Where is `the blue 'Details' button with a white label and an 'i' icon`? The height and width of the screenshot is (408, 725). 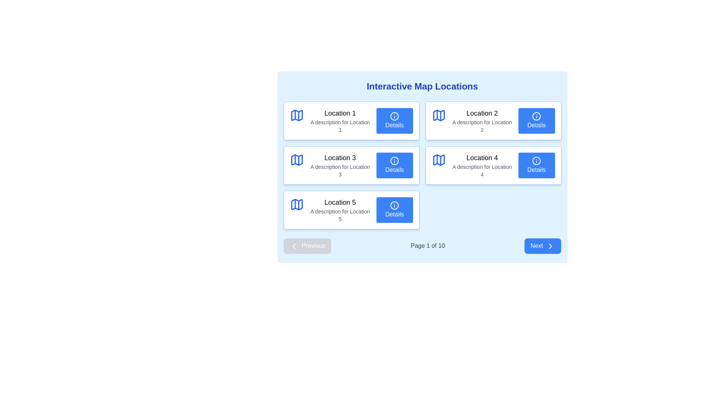 the blue 'Details' button with a white label and an 'i' icon is located at coordinates (394, 165).